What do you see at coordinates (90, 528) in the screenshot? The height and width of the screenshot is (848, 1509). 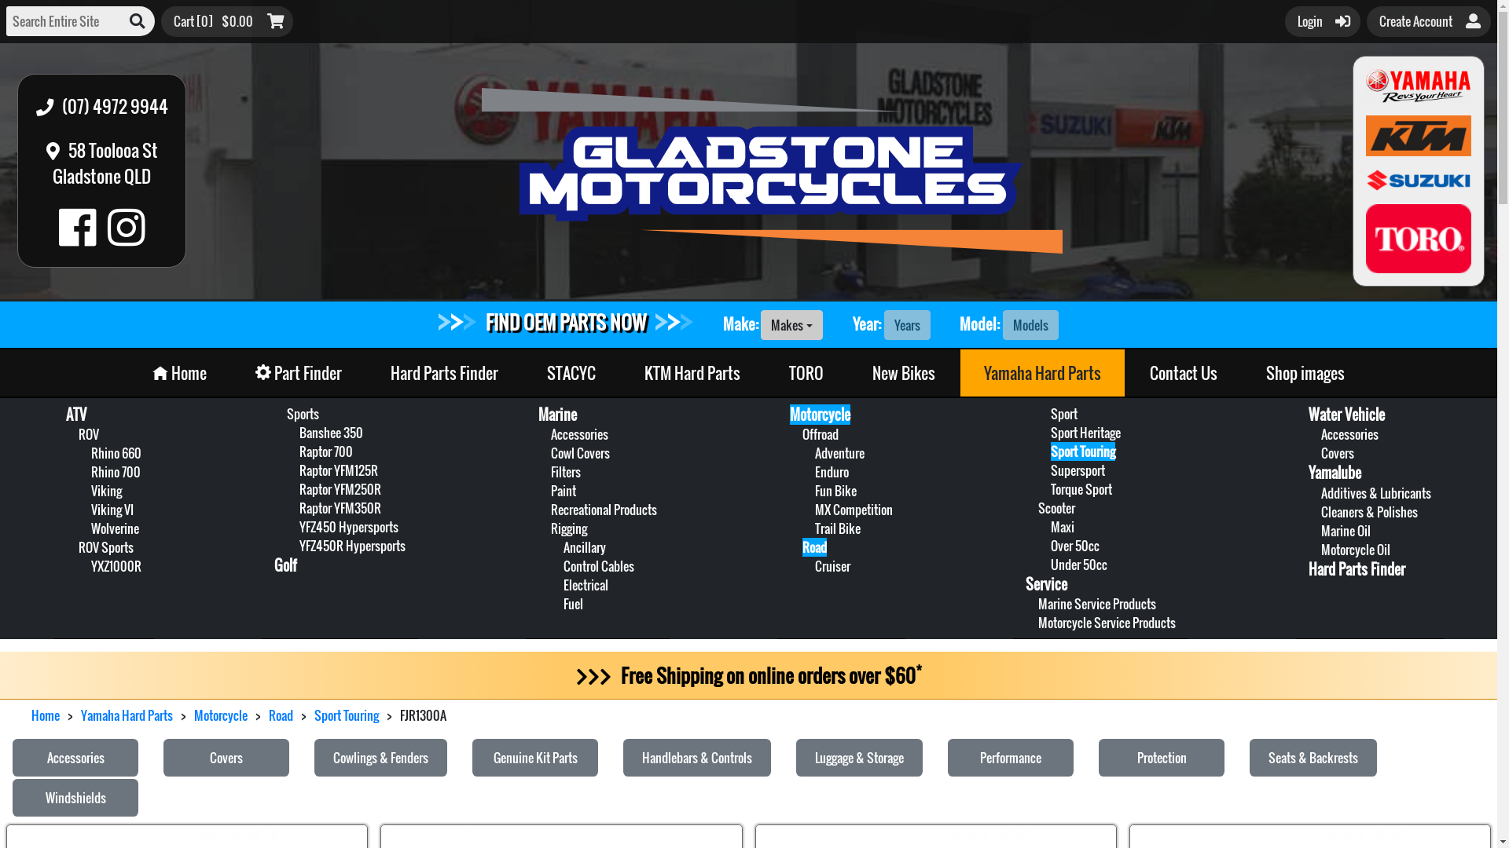 I see `'Wolverine'` at bounding box center [90, 528].